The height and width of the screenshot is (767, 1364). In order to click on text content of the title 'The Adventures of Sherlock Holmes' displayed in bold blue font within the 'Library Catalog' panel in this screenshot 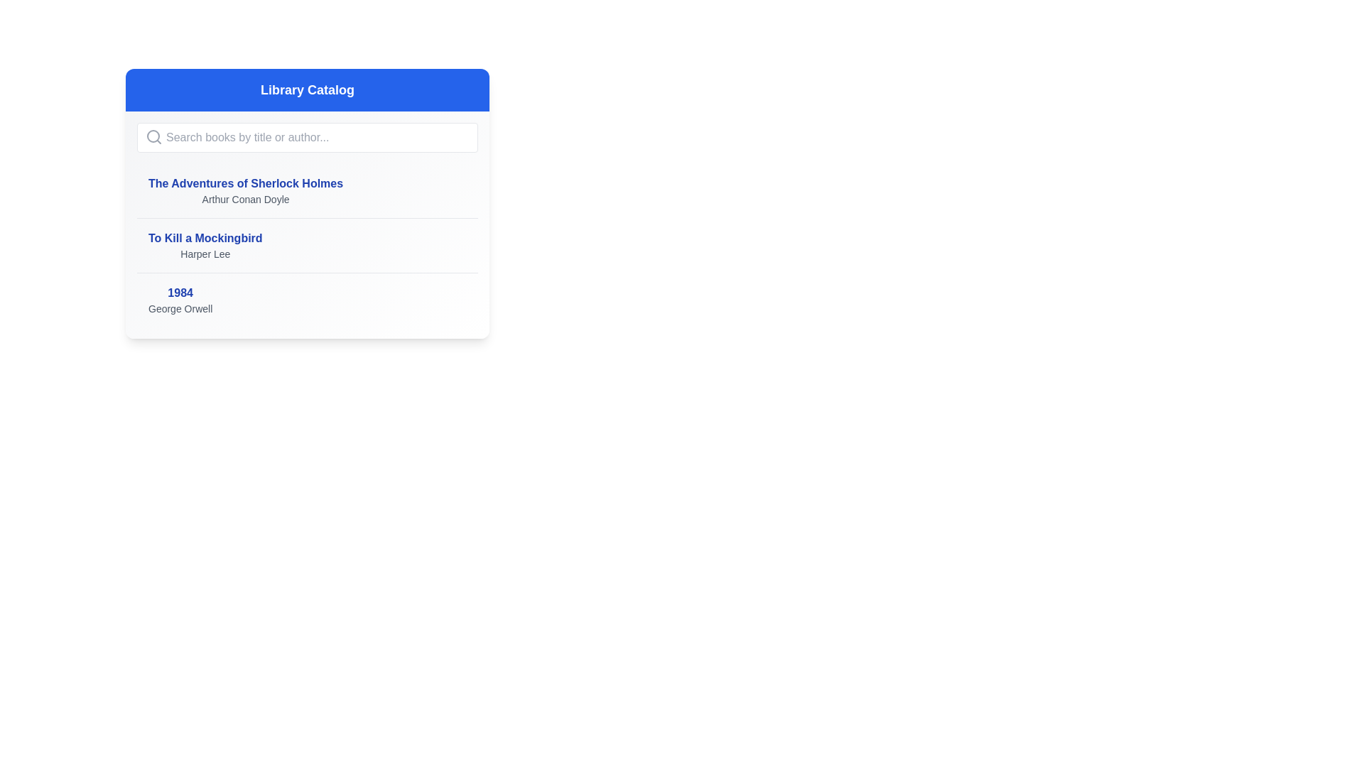, I will do `click(245, 183)`.